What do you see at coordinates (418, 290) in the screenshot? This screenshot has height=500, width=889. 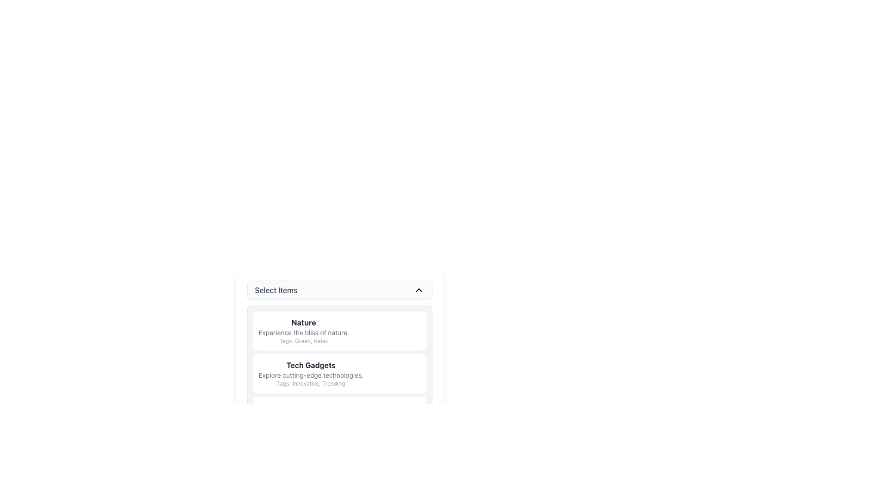 I see `the upward-pointing chevron icon on the right side of the 'Select Items' header` at bounding box center [418, 290].